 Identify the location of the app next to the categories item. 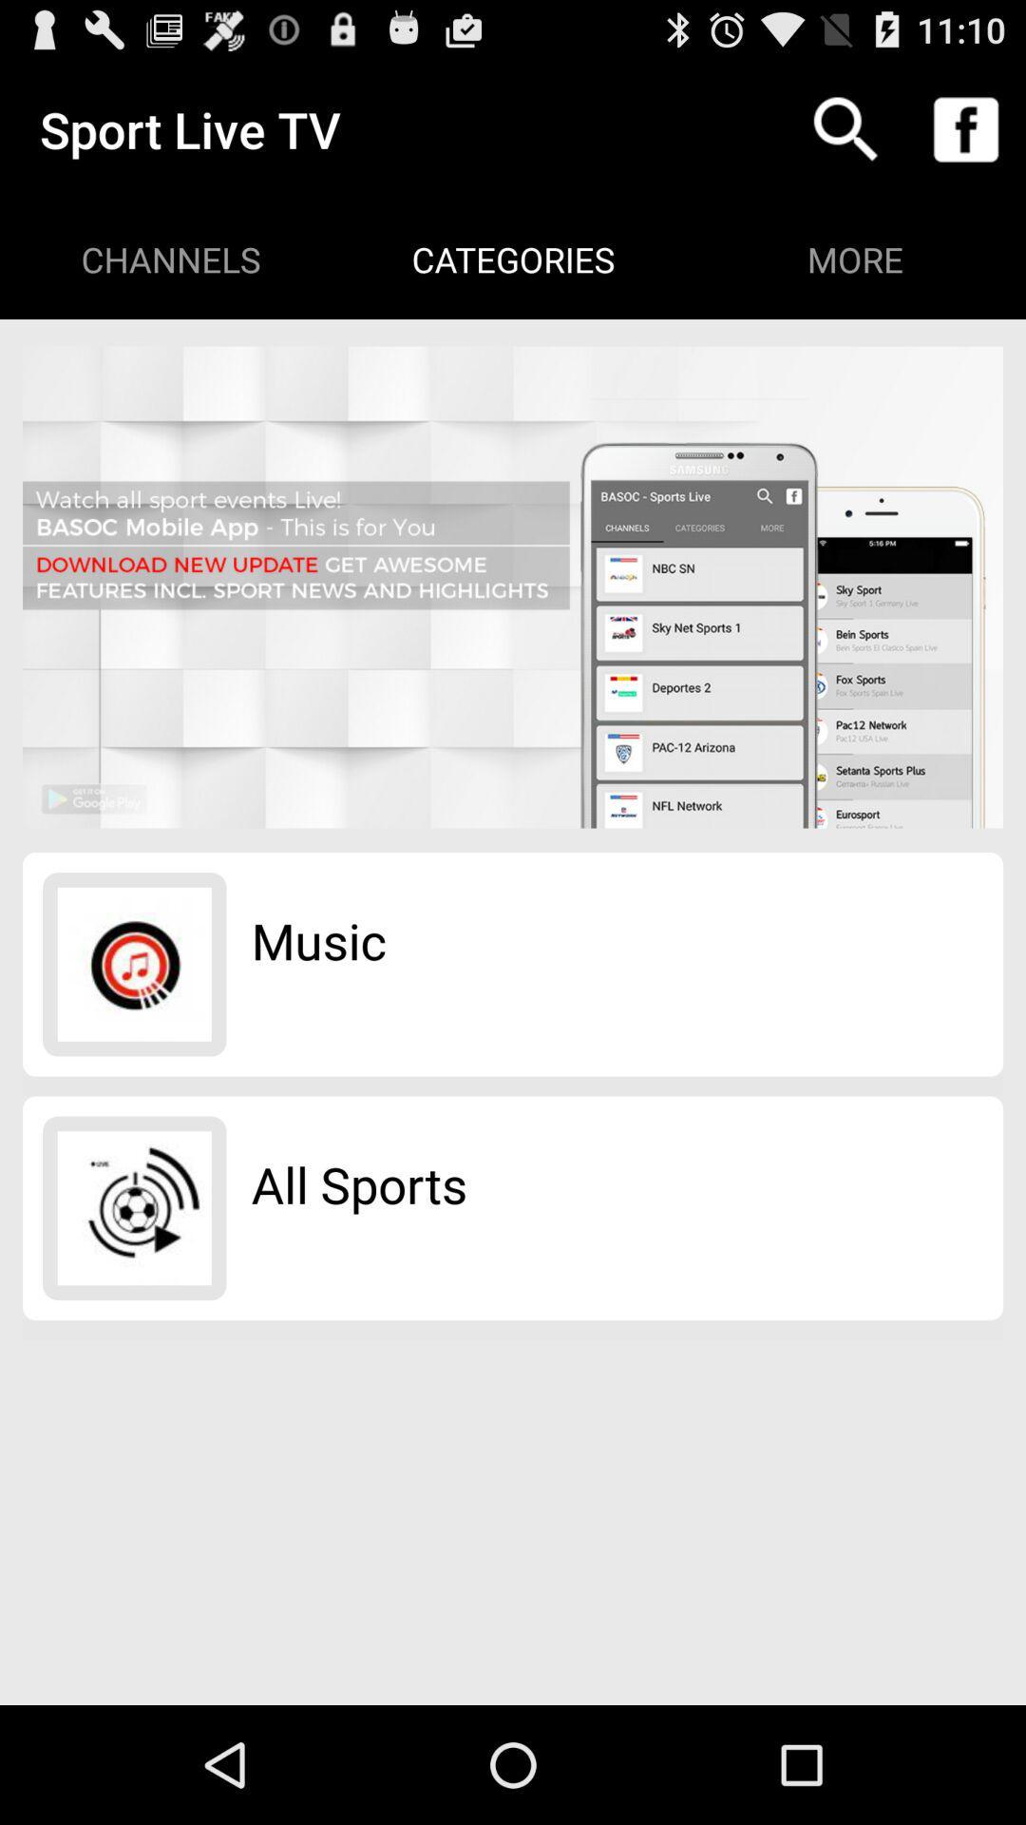
(845, 128).